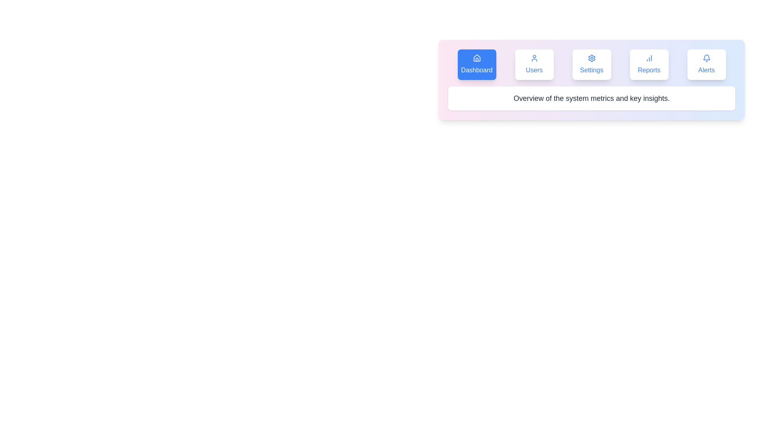  What do you see at coordinates (706, 58) in the screenshot?
I see `the notification icon located at the top-center of the 'Alerts' button` at bounding box center [706, 58].